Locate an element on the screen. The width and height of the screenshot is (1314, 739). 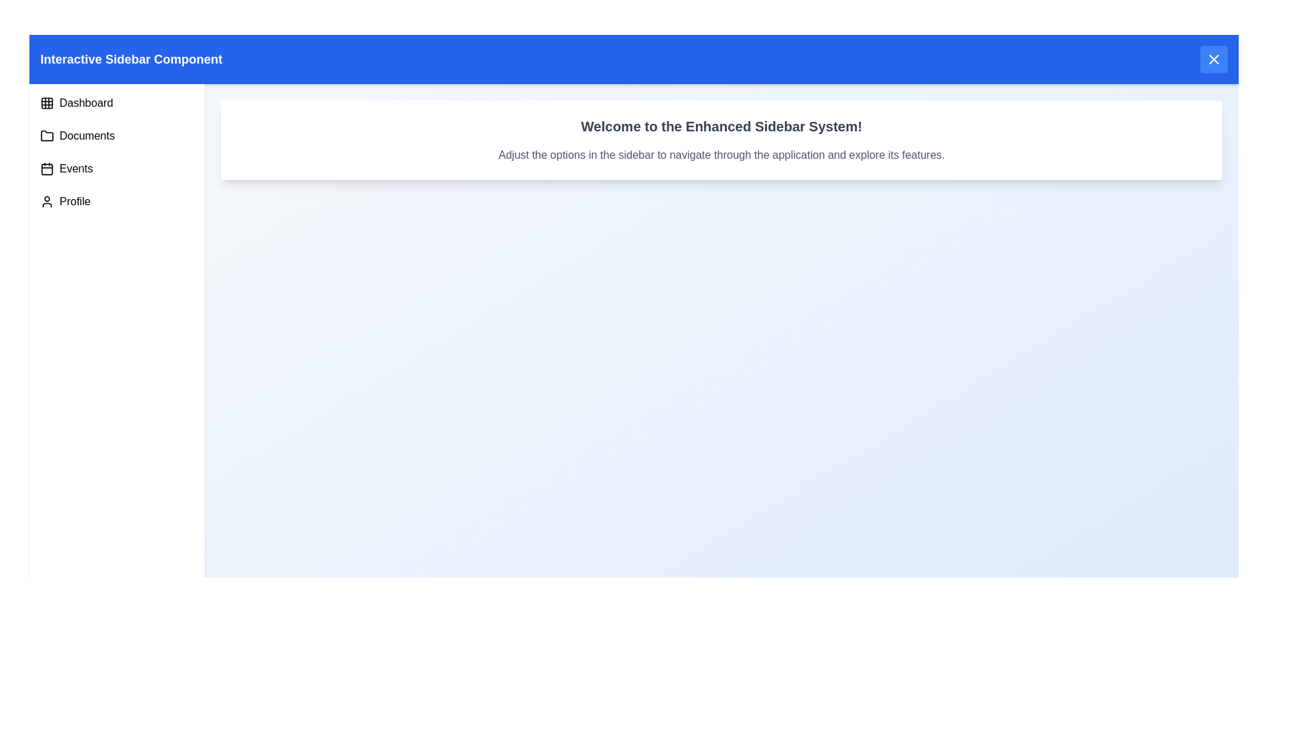
the 'Documents' text label in the sidebar menu, which is the second item below 'Dashboard' and above 'Events' is located at coordinates (86, 136).